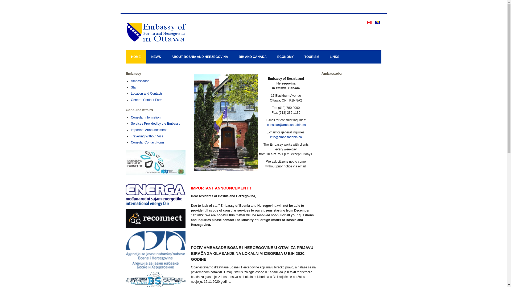  I want to click on 'Embassy of Bosnia and Herzegovina in Ottawa', so click(179, 32).